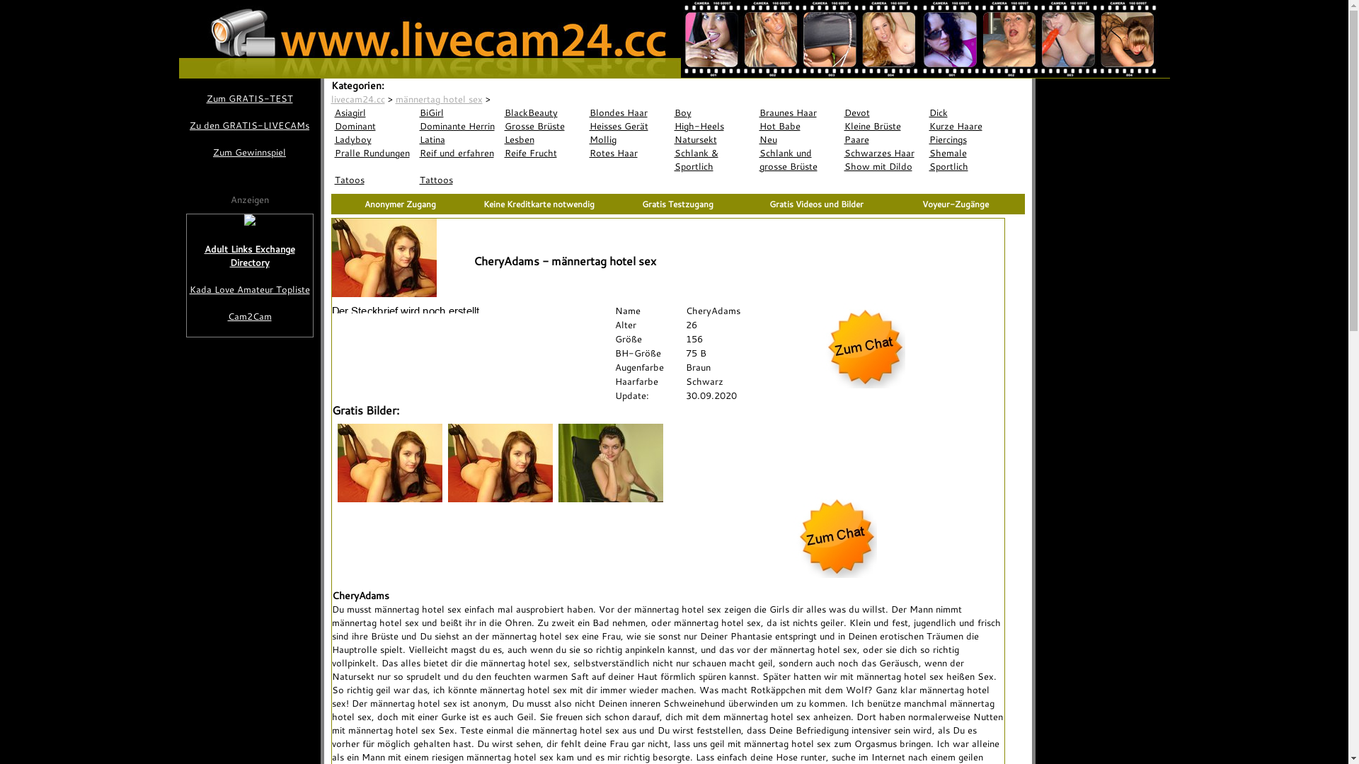 The height and width of the screenshot is (764, 1359). Describe the element at coordinates (330, 179) in the screenshot. I see `'Tatoos'` at that location.